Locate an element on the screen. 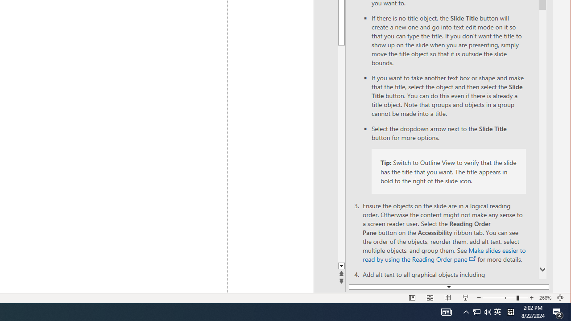 The height and width of the screenshot is (321, 571). 'Zoom 268%' is located at coordinates (545, 298).